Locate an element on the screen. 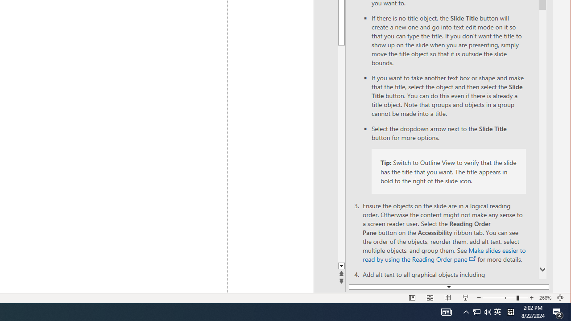 The height and width of the screenshot is (321, 571). 'Zoom 268%' is located at coordinates (545, 298).